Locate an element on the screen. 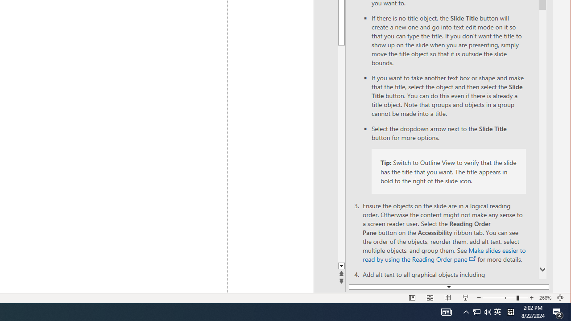 The height and width of the screenshot is (321, 571). 'Zoom 268%' is located at coordinates (545, 298).